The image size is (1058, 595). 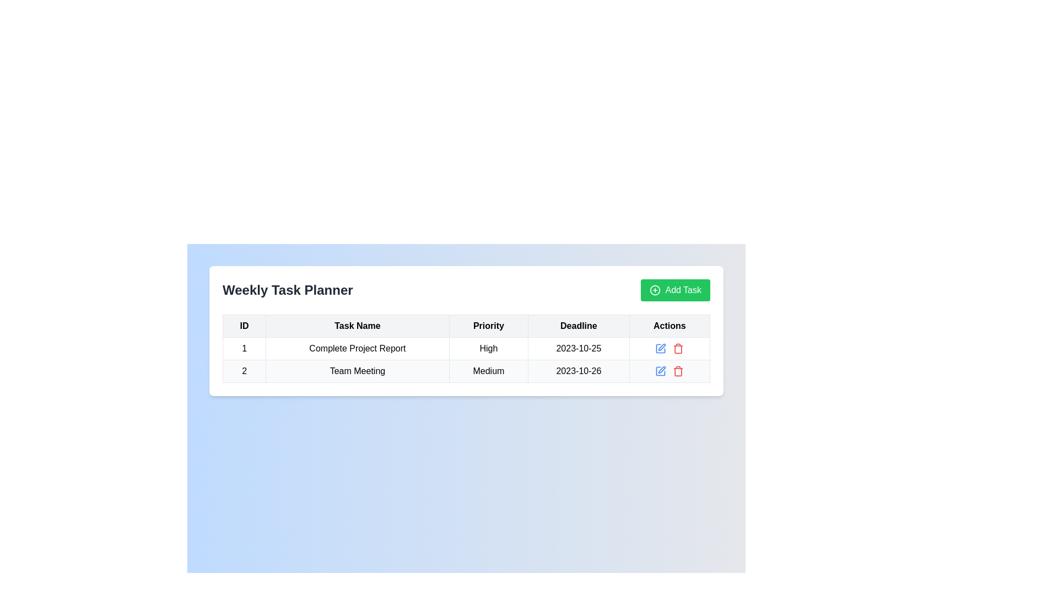 I want to click on the edit icon in the actions column for the task 'Team Meeting' to modify the task, so click(x=669, y=371).